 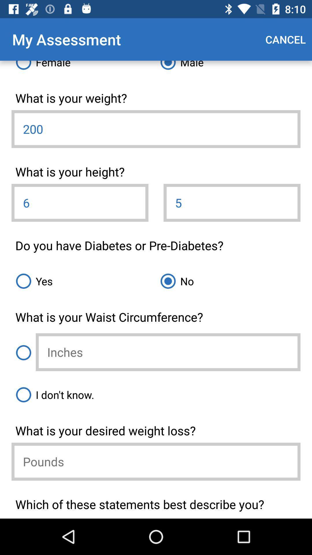 I want to click on input weight in pounds, so click(x=156, y=461).